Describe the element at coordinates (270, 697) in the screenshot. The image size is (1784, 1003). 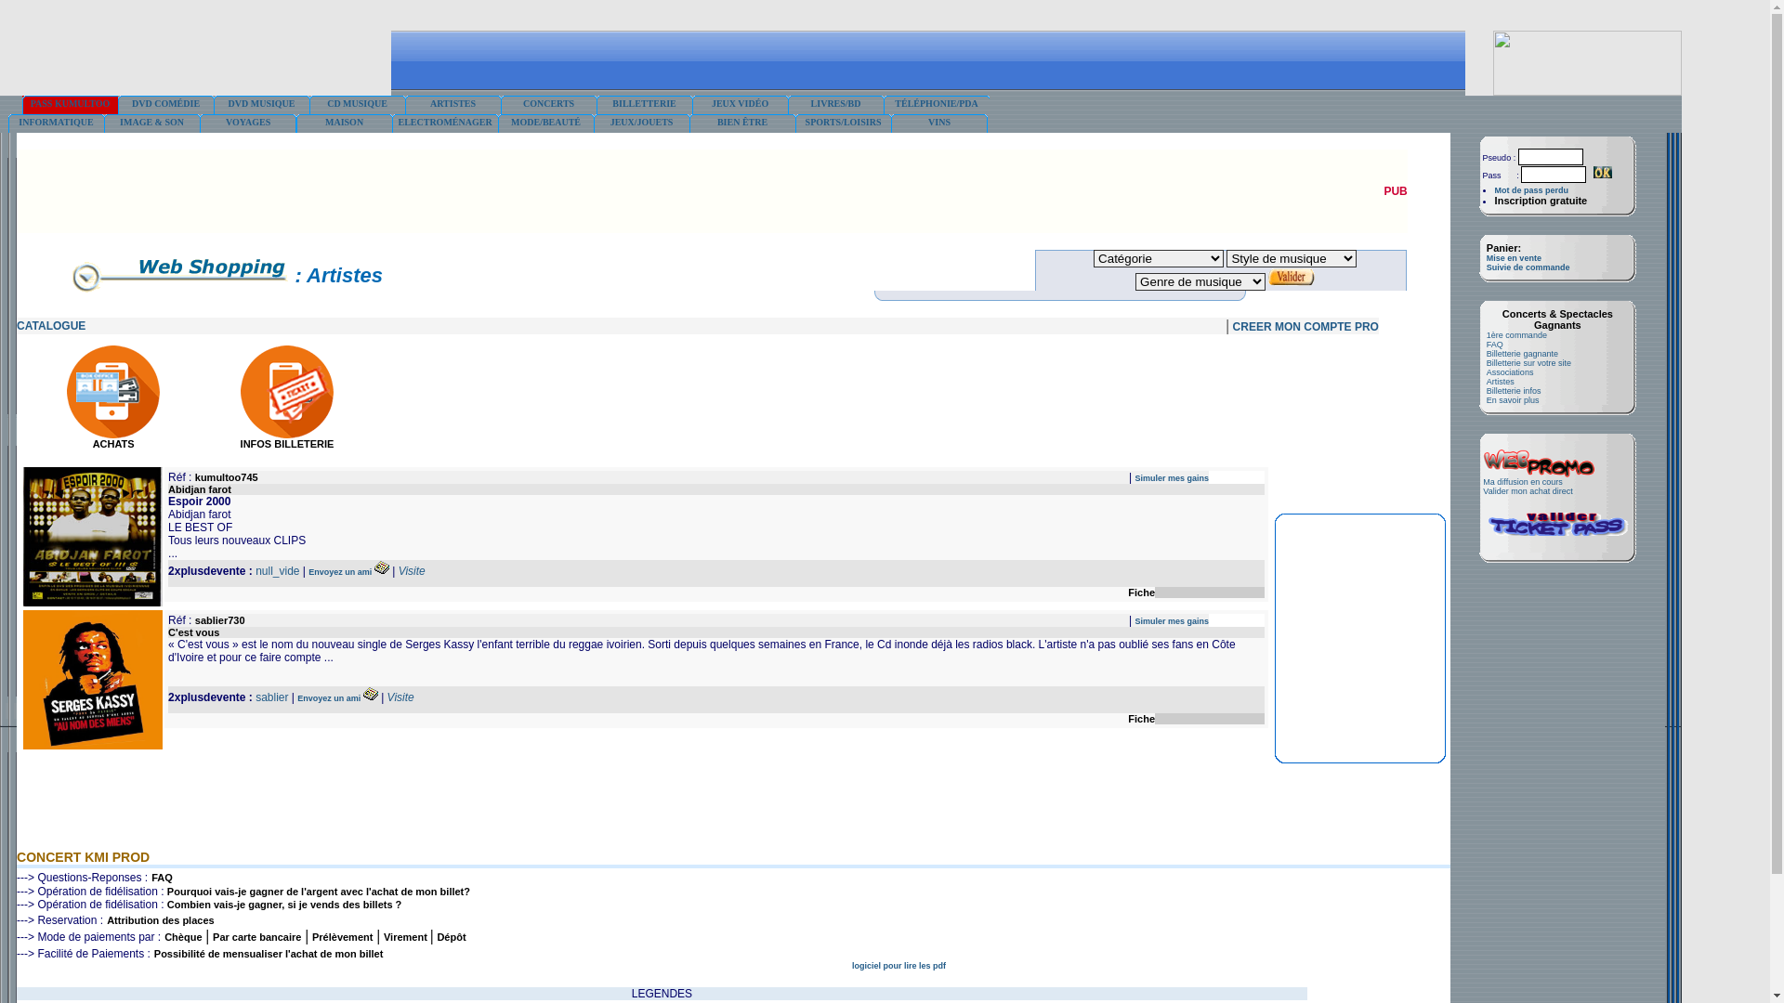
I see `'sablier'` at that location.